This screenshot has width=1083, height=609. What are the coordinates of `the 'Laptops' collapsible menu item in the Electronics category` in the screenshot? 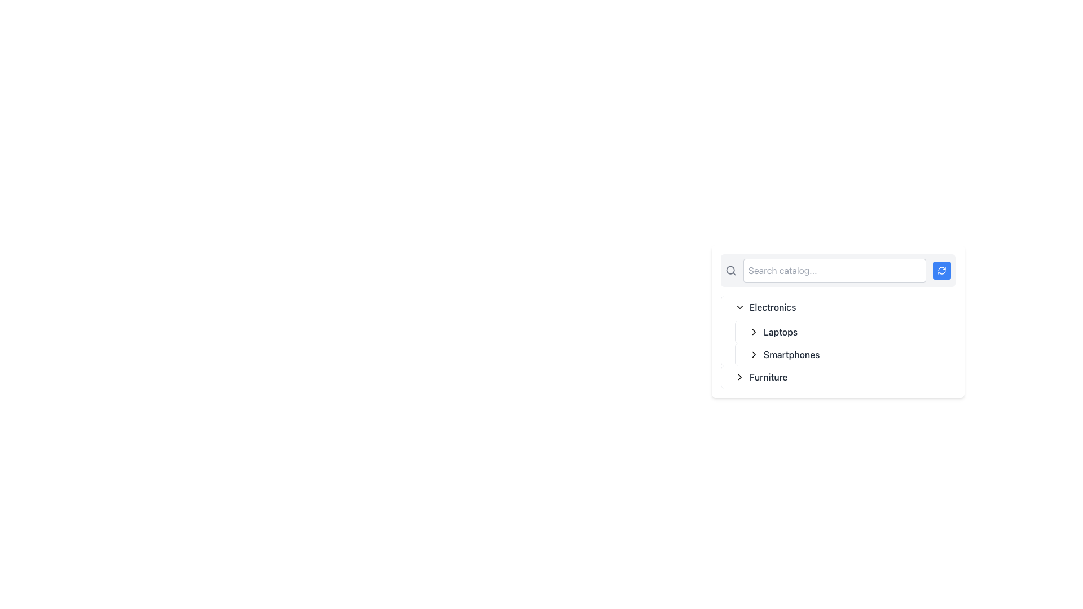 It's located at (850, 332).